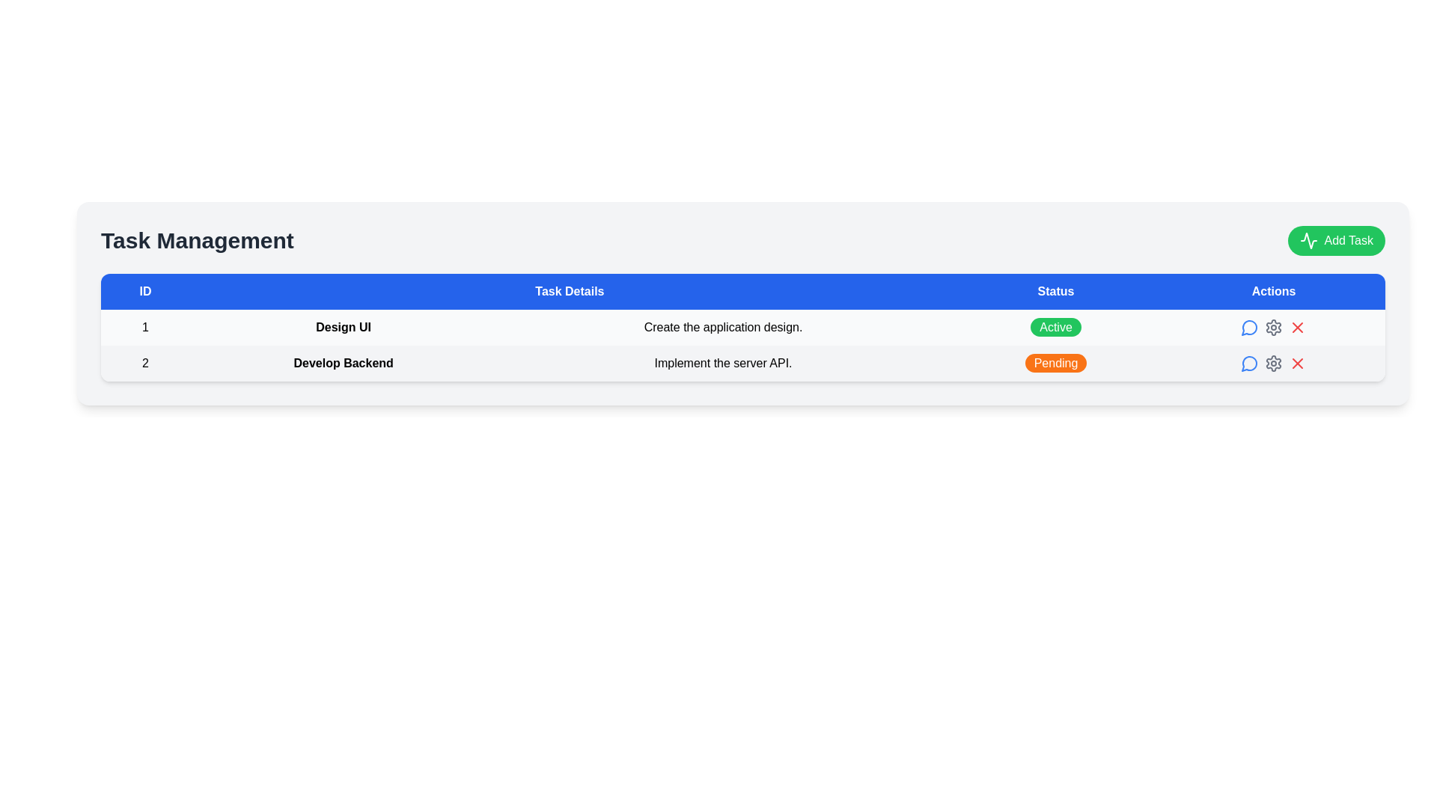  What do you see at coordinates (145, 327) in the screenshot?
I see `the text identifier for the associated task row` at bounding box center [145, 327].